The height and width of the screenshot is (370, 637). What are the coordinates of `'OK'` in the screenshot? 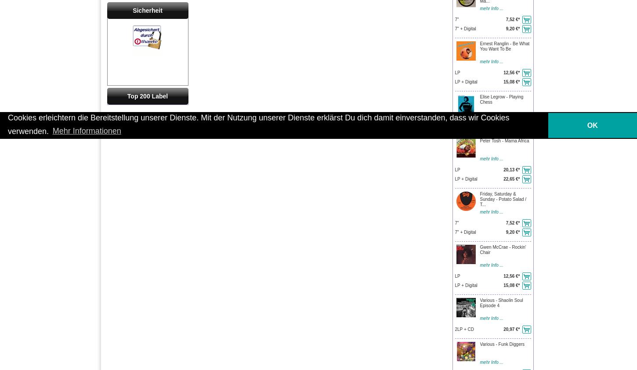 It's located at (592, 125).